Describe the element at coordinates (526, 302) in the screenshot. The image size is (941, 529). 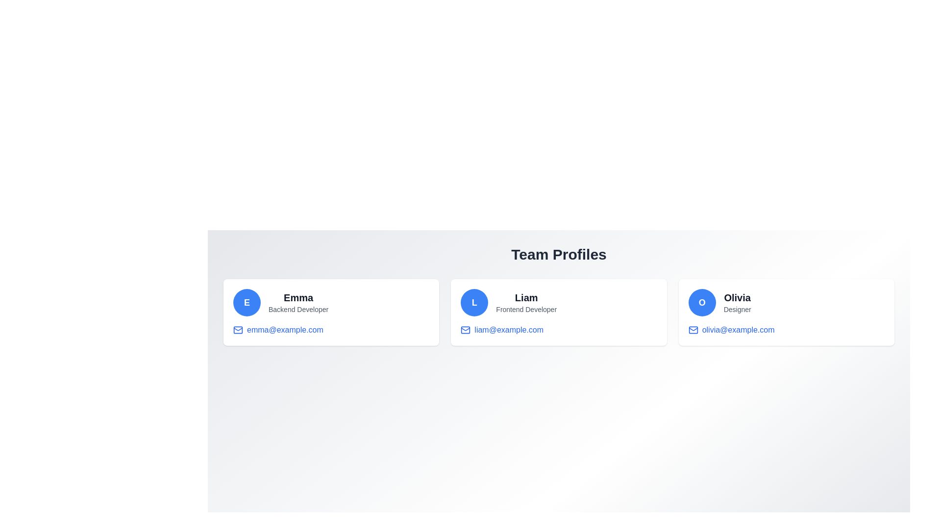
I see `text label that serves as a profile title and subtitle, identifying the person's name and their role within the team, located centrally in the second profile card under the 'Team Profiles' section` at that location.